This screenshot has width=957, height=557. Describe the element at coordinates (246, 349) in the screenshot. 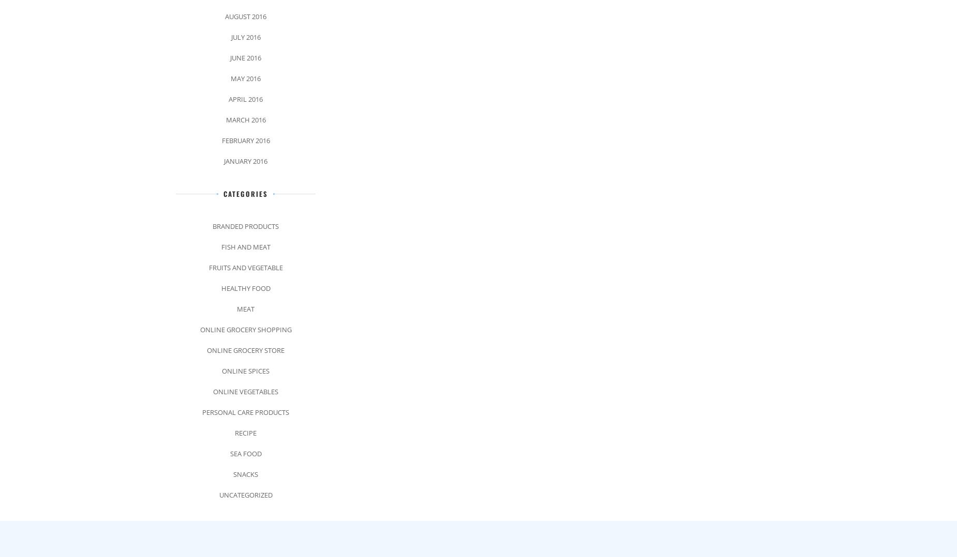

I see `'Online grocery store'` at that location.